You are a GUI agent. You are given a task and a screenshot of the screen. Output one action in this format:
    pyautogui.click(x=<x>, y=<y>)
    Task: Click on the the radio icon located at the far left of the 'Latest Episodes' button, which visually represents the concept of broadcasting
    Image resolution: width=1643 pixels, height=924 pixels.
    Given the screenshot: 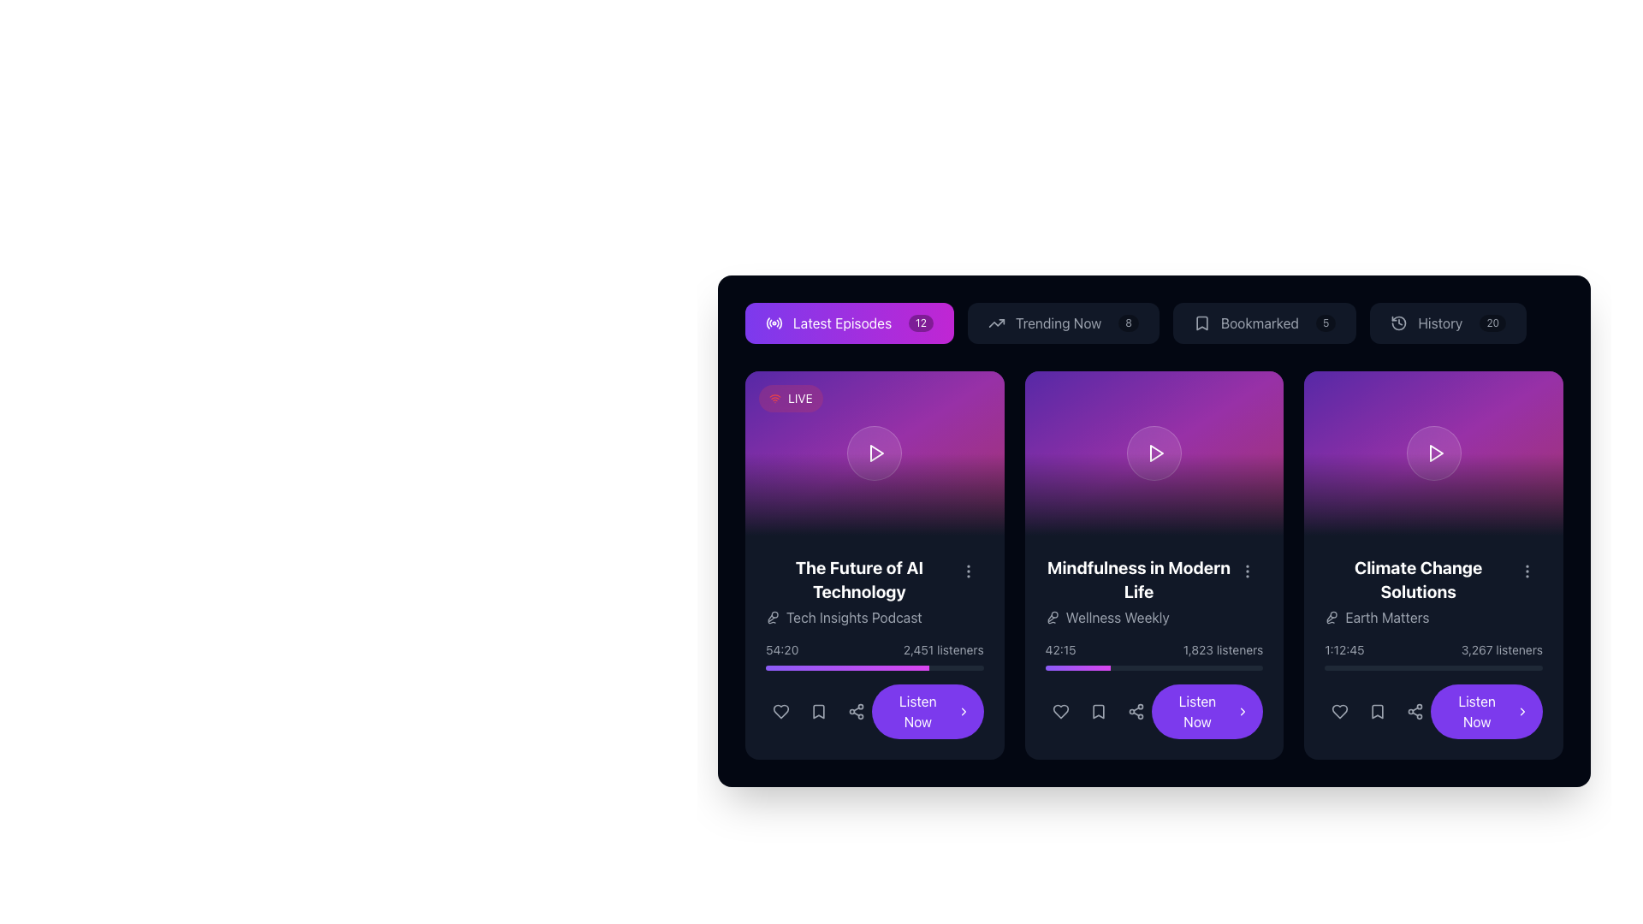 What is the action you would take?
    pyautogui.click(x=774, y=323)
    